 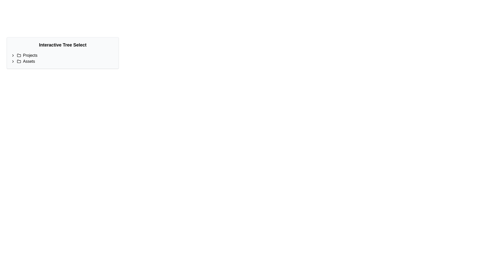 What do you see at coordinates (19, 61) in the screenshot?
I see `the folder icon for the 'Assets' directory, which is the second folder icon` at bounding box center [19, 61].